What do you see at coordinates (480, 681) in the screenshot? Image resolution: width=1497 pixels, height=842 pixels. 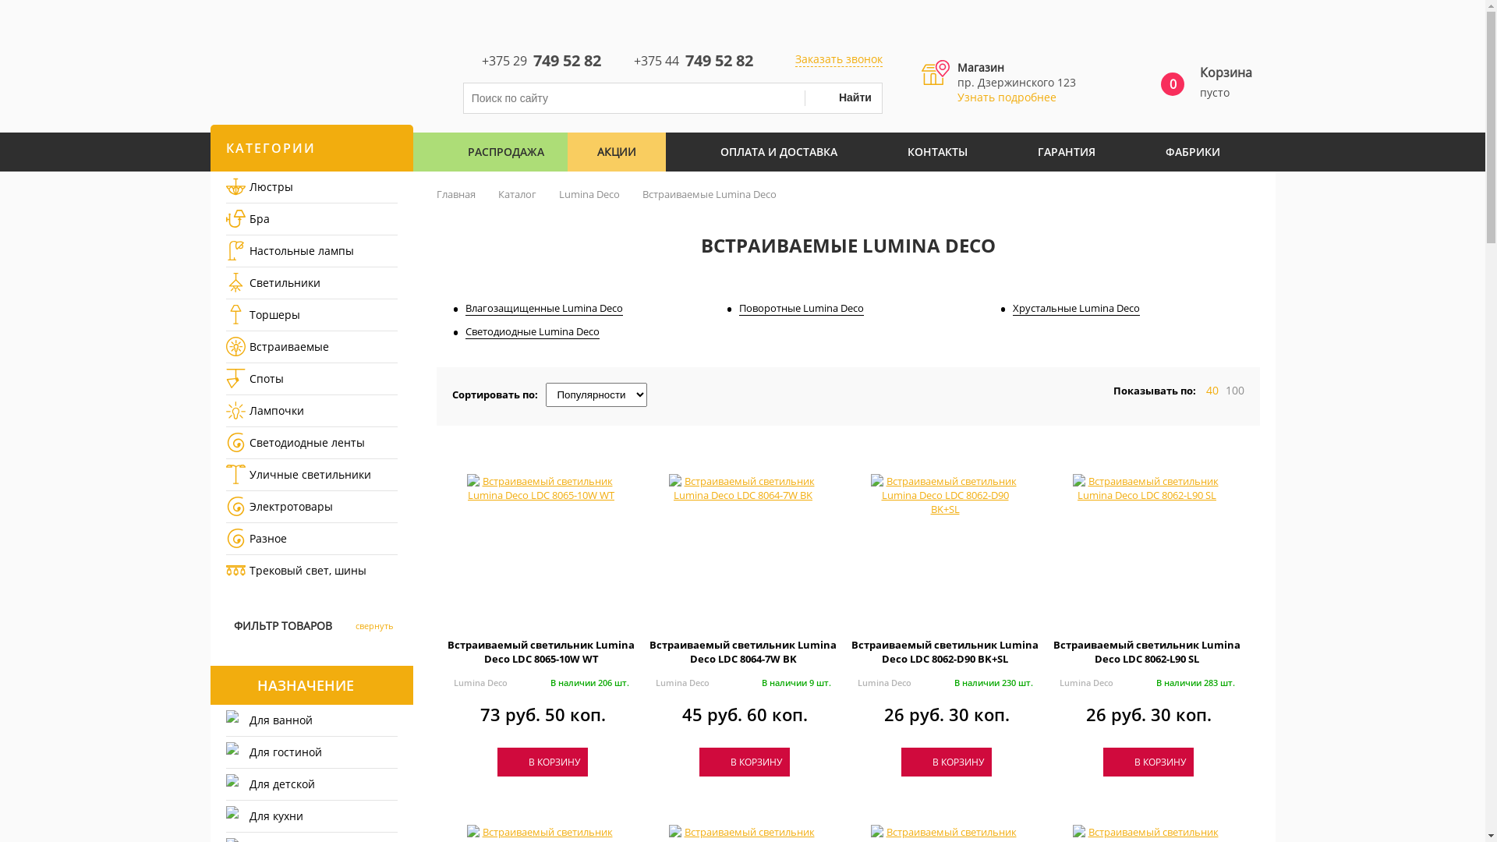 I see `'Lumina Deco'` at bounding box center [480, 681].